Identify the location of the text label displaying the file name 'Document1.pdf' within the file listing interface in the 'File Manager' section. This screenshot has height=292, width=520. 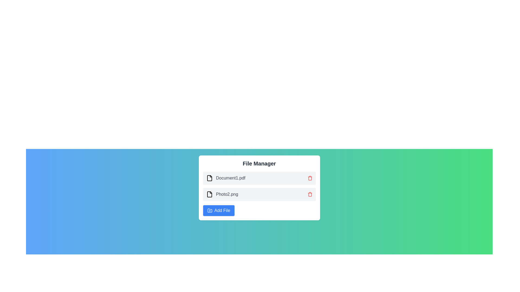
(230, 178).